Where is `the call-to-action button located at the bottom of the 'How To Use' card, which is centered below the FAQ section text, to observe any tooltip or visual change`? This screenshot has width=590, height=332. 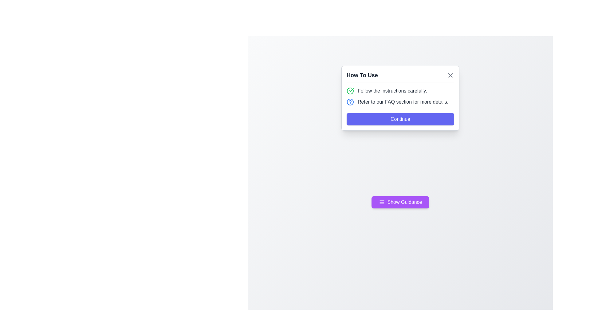
the call-to-action button located at the bottom of the 'How To Use' card, which is centered below the FAQ section text, to observe any tooltip or visual change is located at coordinates (400, 119).